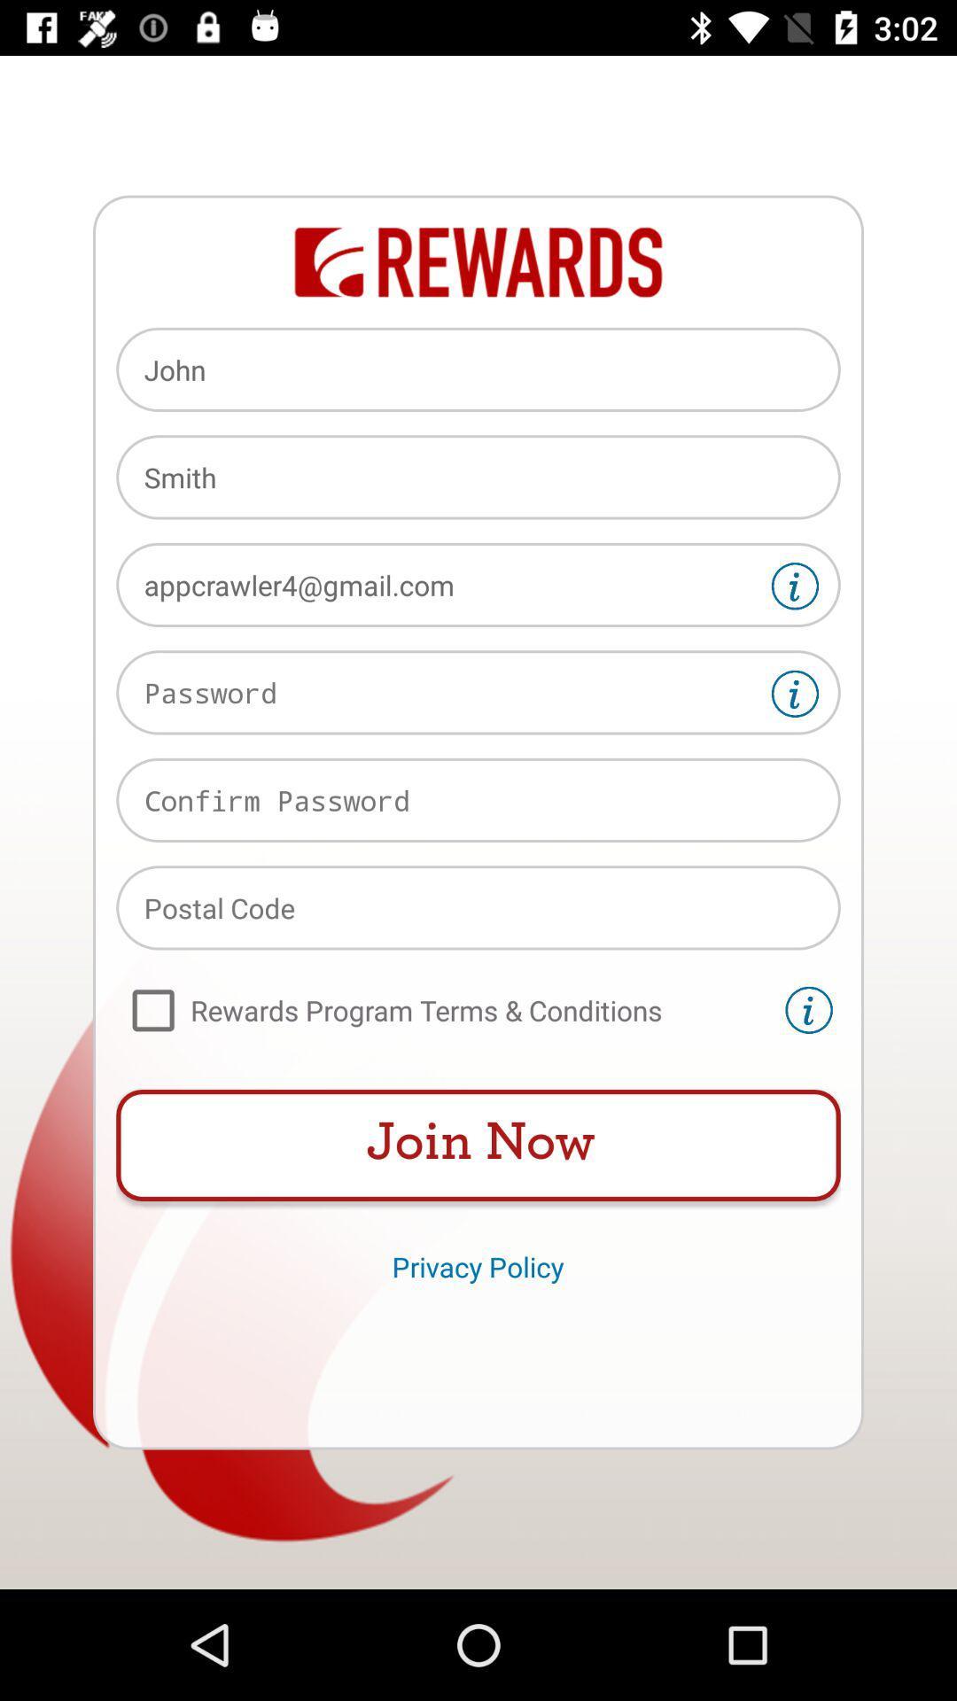  Describe the element at coordinates (478, 907) in the screenshot. I see `type postal code` at that location.